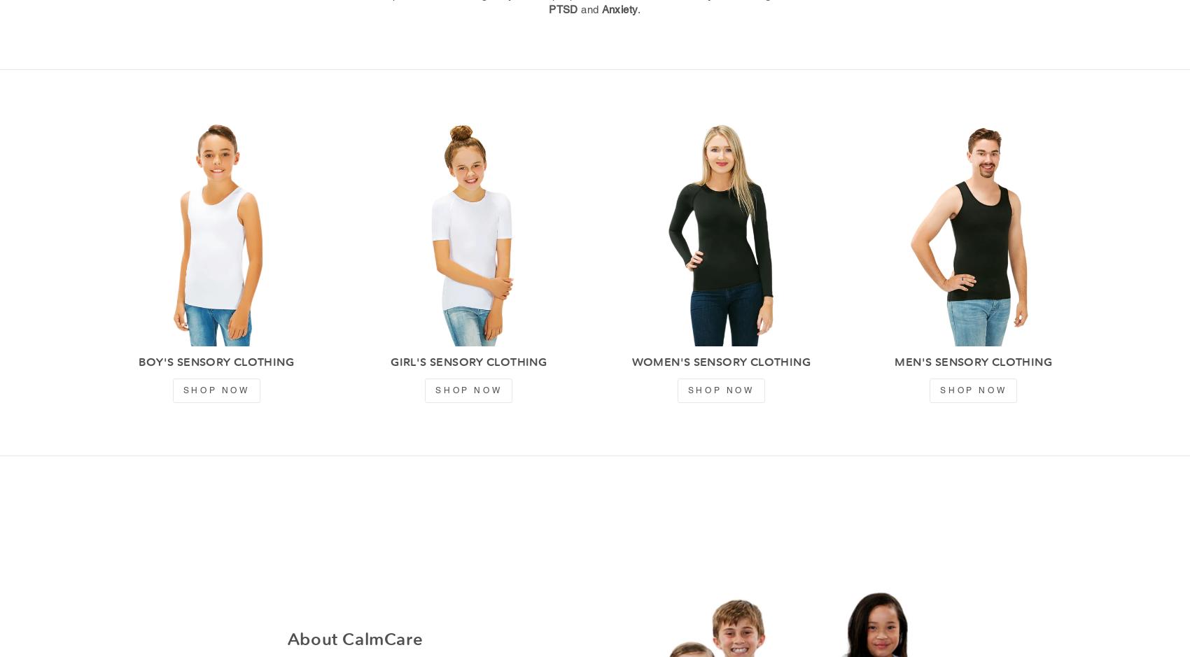 This screenshot has width=1190, height=657. Describe the element at coordinates (562, 9) in the screenshot. I see `'PTSD'` at that location.